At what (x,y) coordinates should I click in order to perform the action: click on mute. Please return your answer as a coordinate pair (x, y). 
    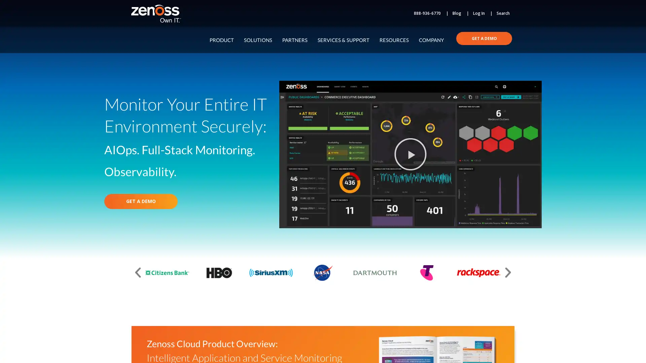
    Looking at the image, I should click on (501, 196).